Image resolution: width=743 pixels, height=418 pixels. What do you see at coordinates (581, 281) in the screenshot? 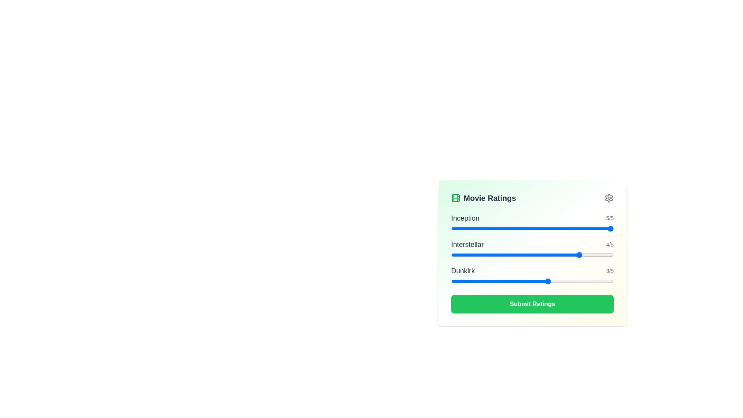
I see `the rating for Dunkirk` at bounding box center [581, 281].